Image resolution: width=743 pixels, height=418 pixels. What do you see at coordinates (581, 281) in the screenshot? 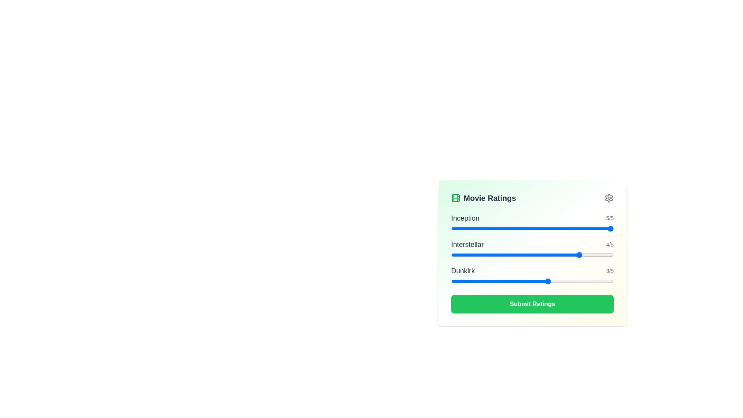
I see `the rating for Dunkirk` at bounding box center [581, 281].